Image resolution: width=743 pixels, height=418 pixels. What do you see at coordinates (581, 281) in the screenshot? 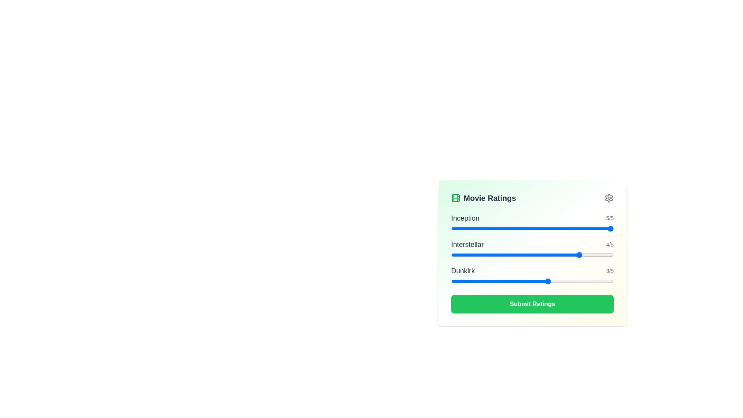
I see `the rating for Dunkirk` at bounding box center [581, 281].